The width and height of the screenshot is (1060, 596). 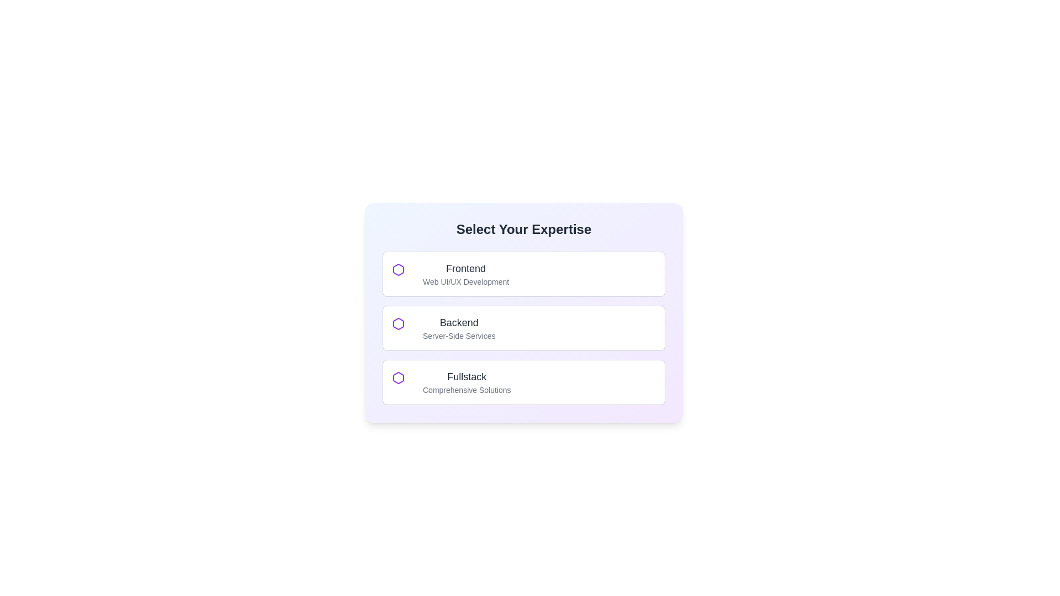 I want to click on the selectable option block for 'Fullstack' in the 'Select Your Expertise' section, so click(x=523, y=382).